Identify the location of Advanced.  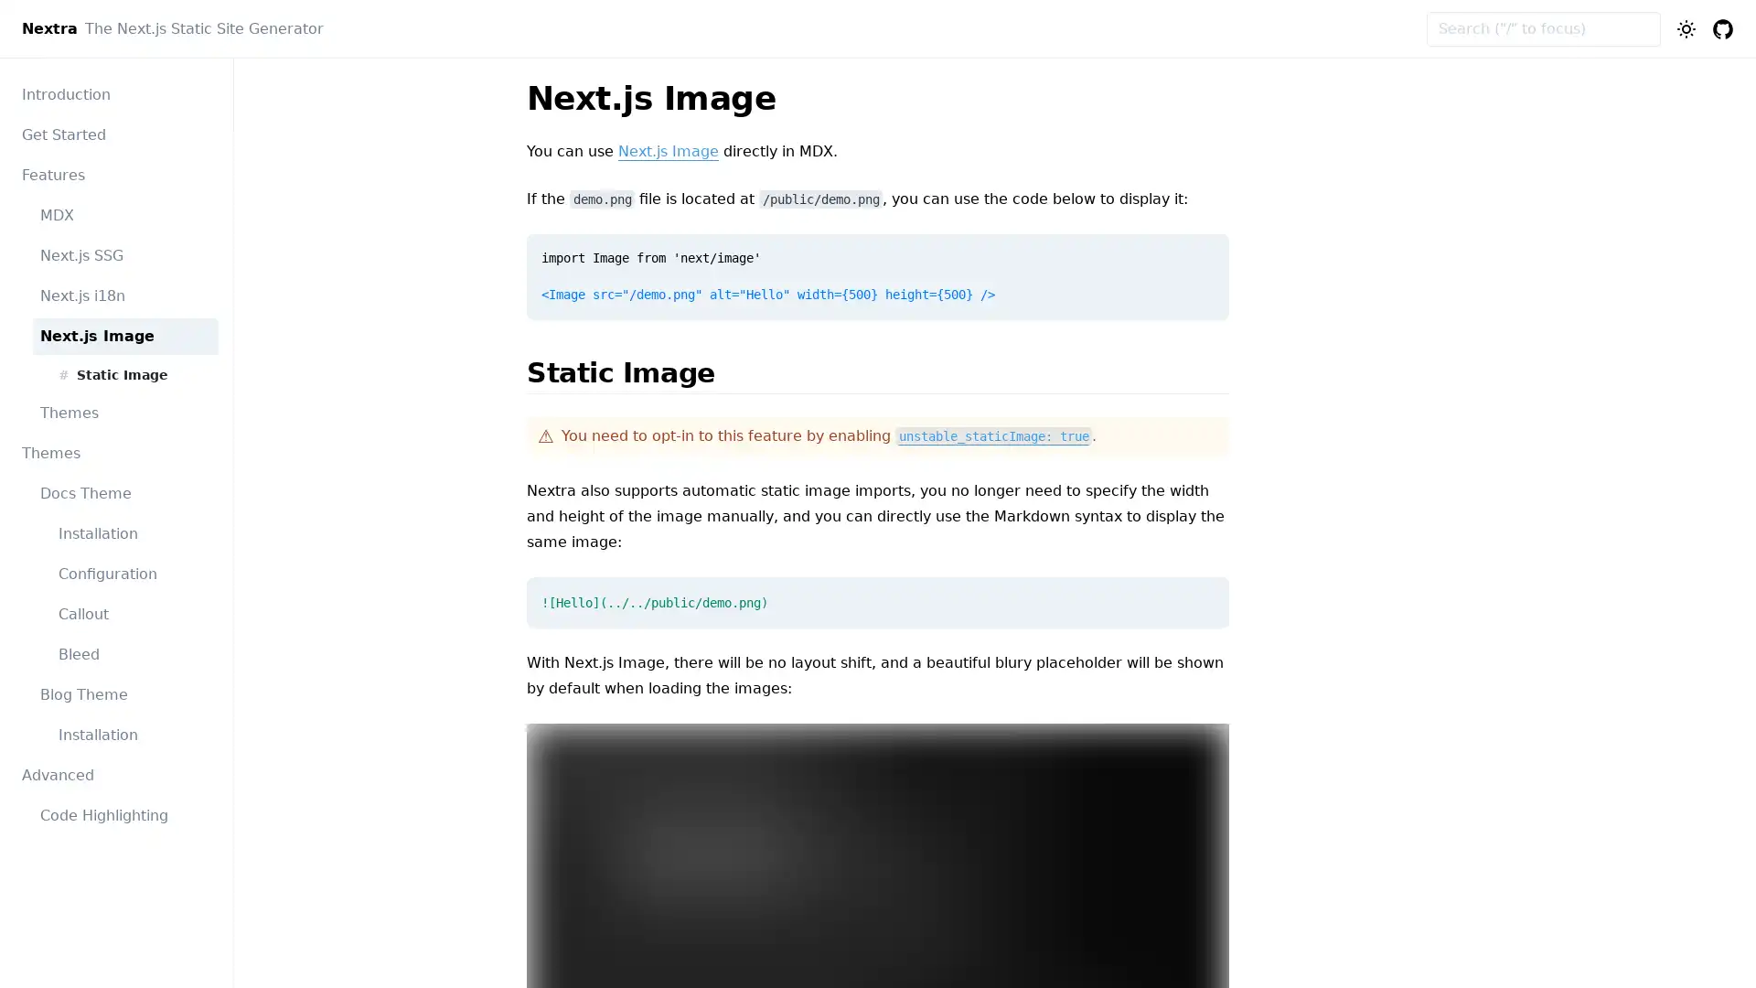
(115, 776).